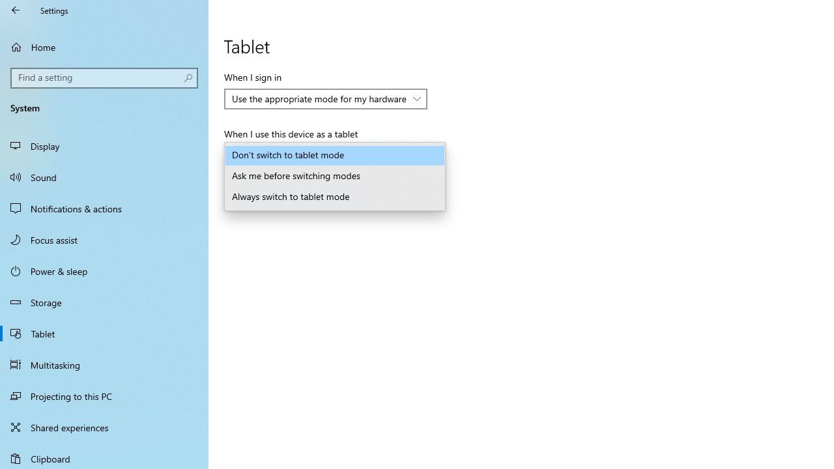  Describe the element at coordinates (104, 177) in the screenshot. I see `'Sound'` at that location.